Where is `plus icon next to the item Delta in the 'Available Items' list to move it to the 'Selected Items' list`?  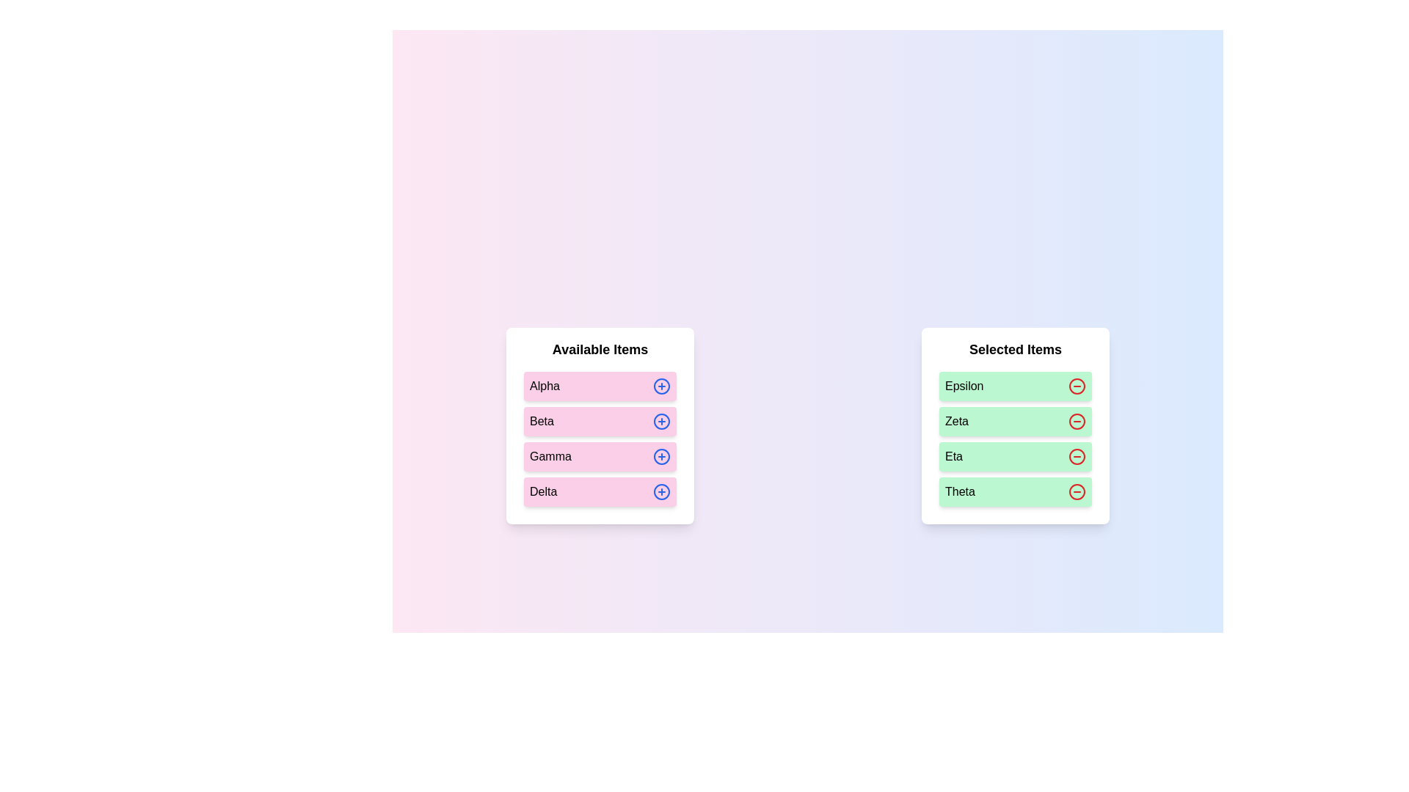
plus icon next to the item Delta in the 'Available Items' list to move it to the 'Selected Items' list is located at coordinates (661, 492).